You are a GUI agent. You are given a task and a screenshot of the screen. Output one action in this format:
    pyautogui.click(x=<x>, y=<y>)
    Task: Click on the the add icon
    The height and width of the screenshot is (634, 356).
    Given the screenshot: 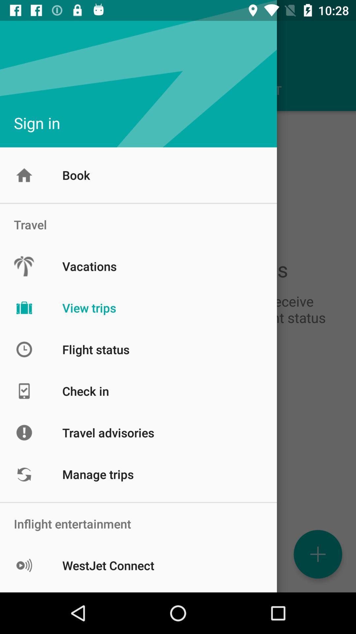 What is the action you would take?
    pyautogui.click(x=317, y=554)
    